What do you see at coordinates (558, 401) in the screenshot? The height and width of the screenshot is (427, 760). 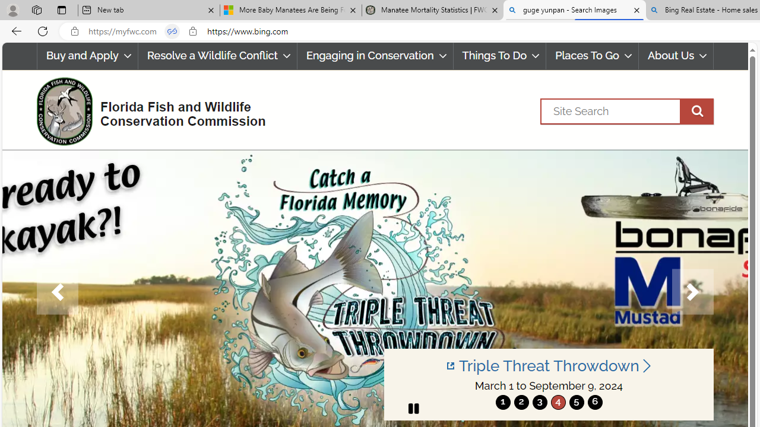 I see `'move to slide 4'` at bounding box center [558, 401].